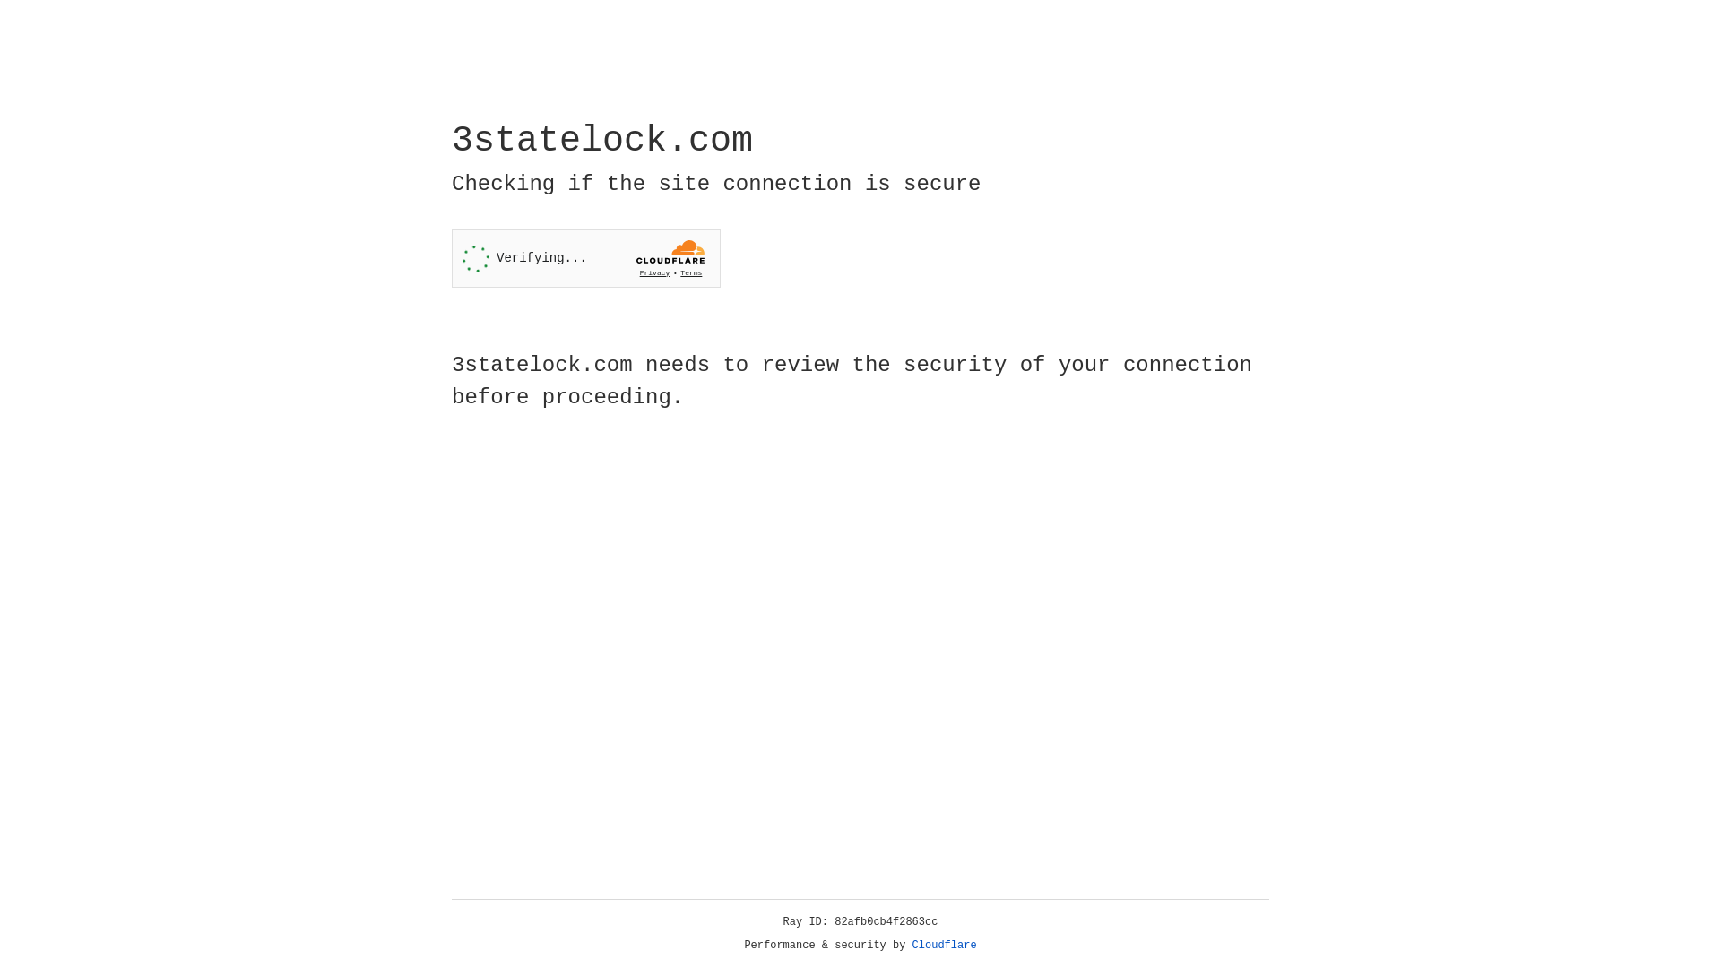  Describe the element at coordinates (944, 945) in the screenshot. I see `'Cloudflare'` at that location.